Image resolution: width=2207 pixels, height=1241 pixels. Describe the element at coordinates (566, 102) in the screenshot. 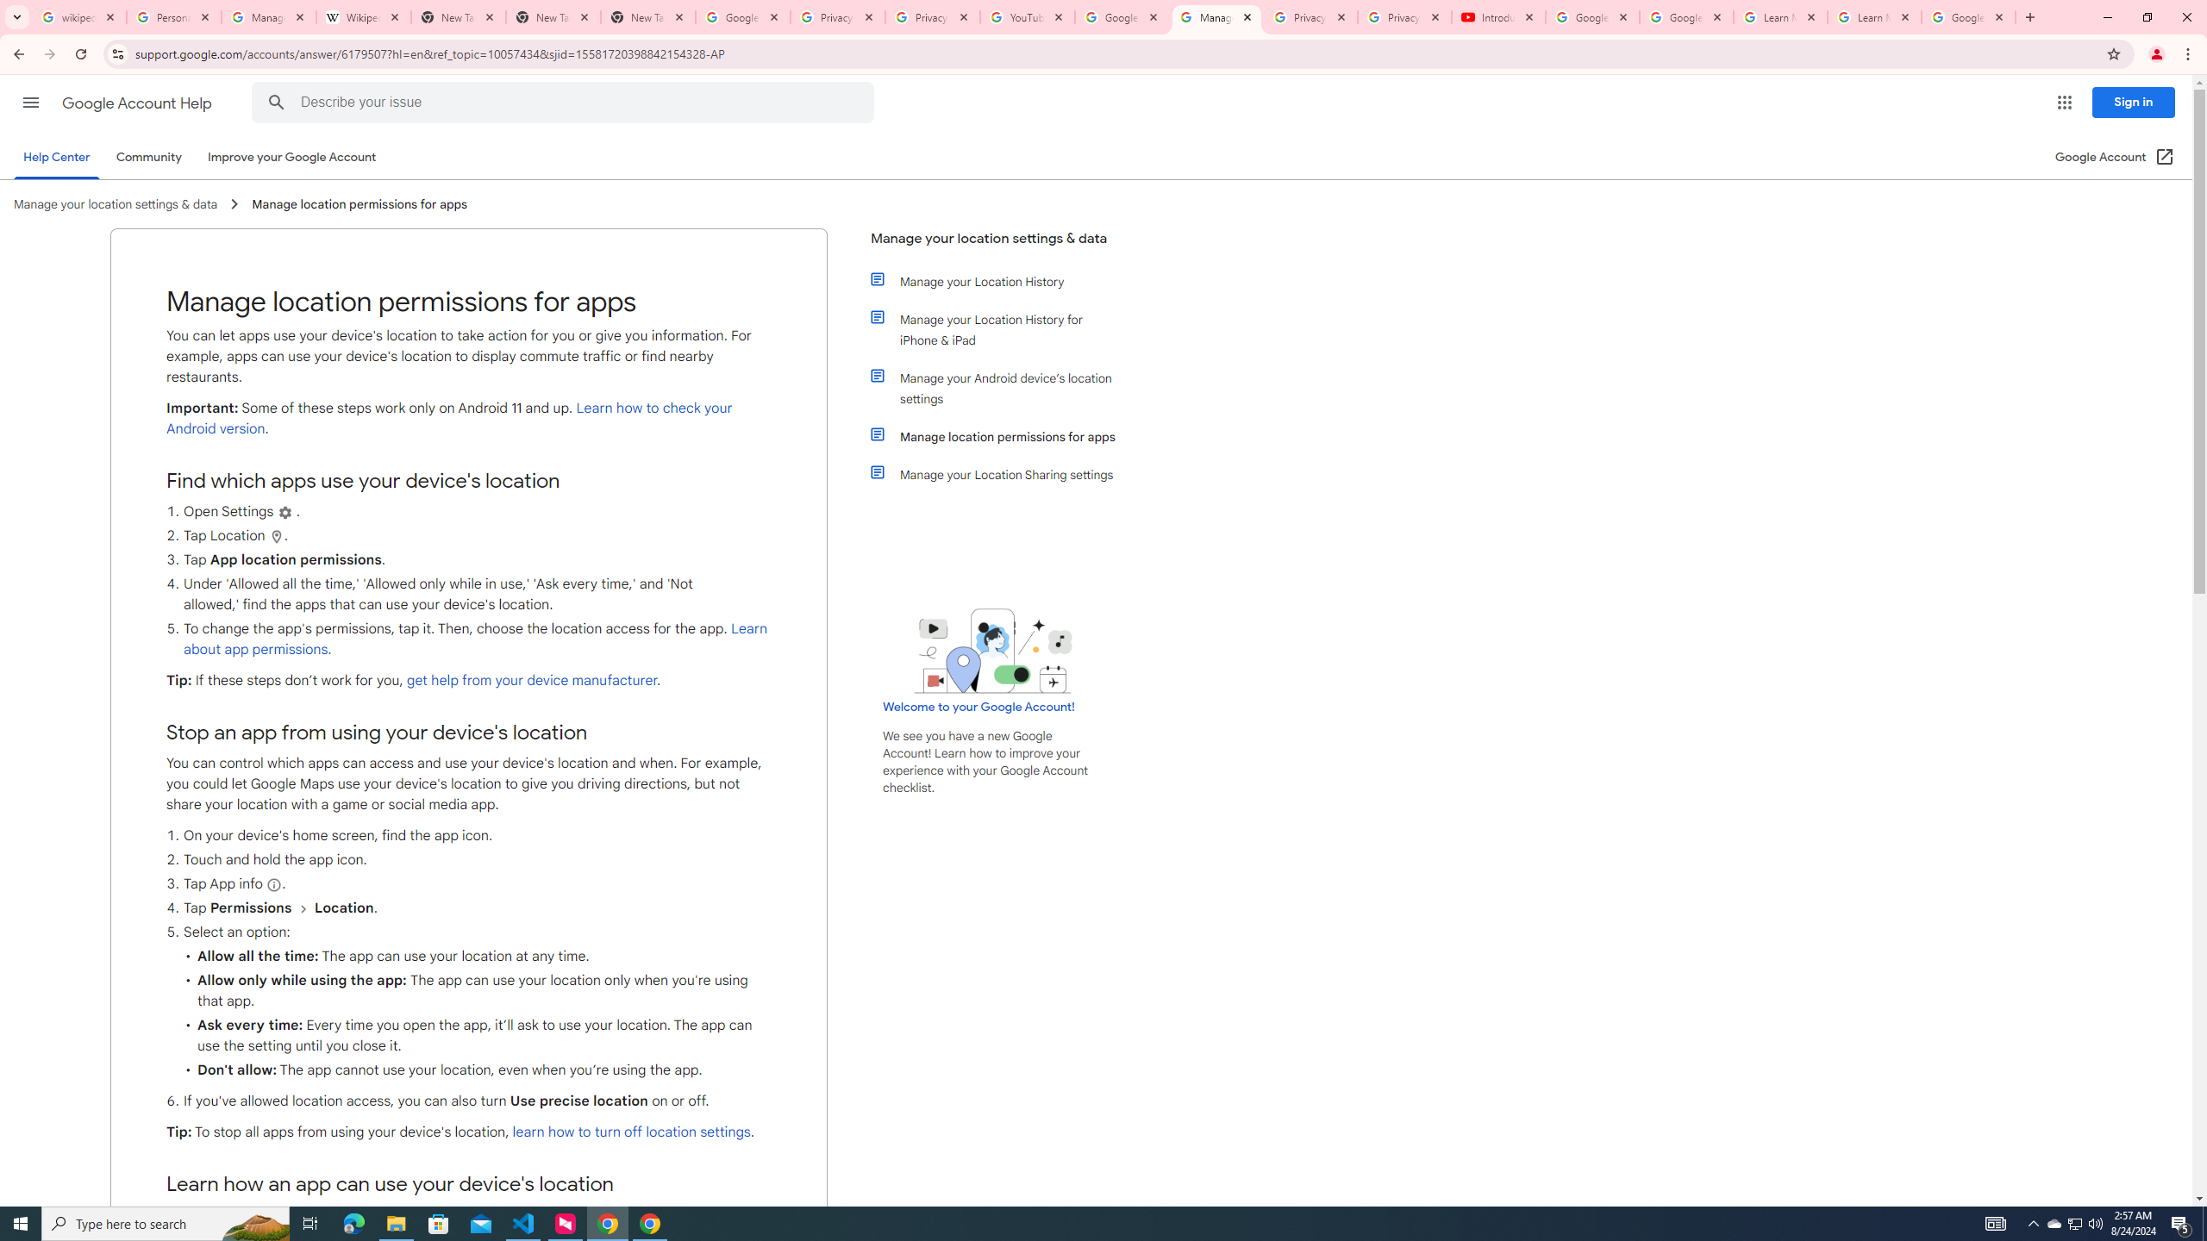

I see `'Describe your issue'` at that location.